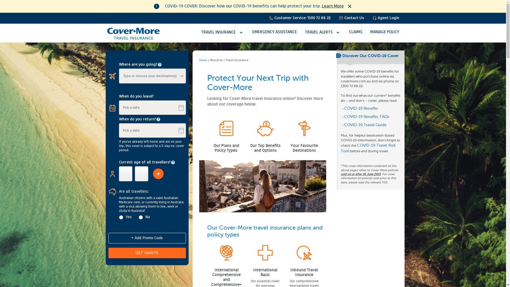  Describe the element at coordinates (237, 150) in the screenshot. I see `' '` at that location.